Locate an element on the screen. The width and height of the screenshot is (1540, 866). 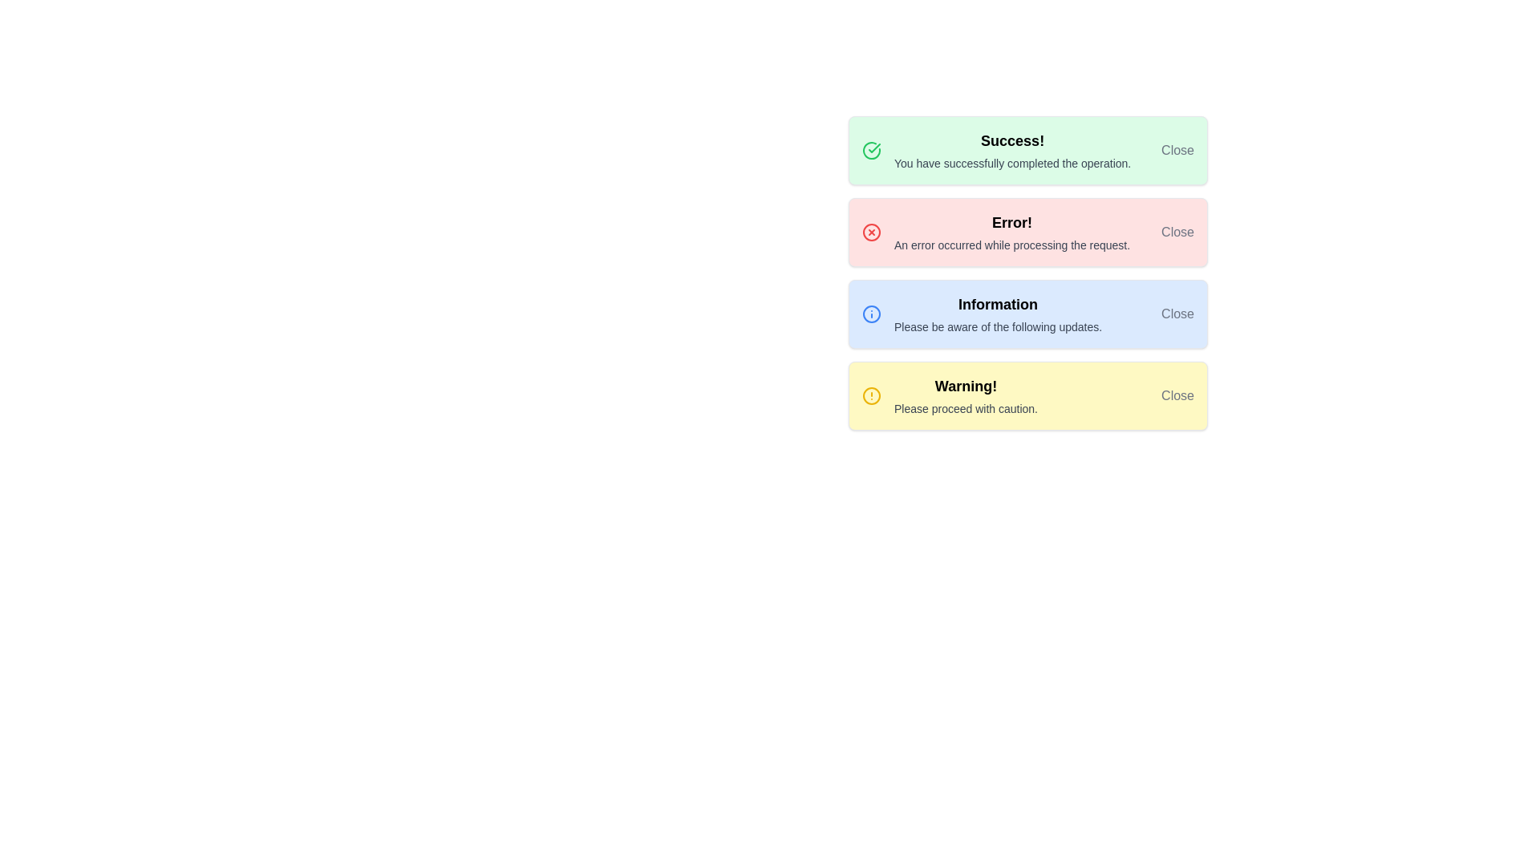
the circular success icon with a check mark inside, which is styled with a green outline and is located at the leftmost part of the 'Success!' notification box, vertically centered with the text 'Success! You have successfully completed the operation.' is located at coordinates (870, 151).